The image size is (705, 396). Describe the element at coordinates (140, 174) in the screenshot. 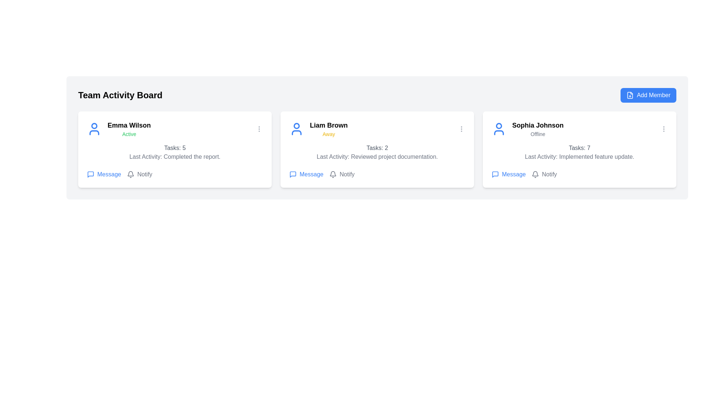

I see `the notification button located to the right of the 'Message' button on the user 'Emma Wilson's card in the 'Team Activity Board' interface` at that location.